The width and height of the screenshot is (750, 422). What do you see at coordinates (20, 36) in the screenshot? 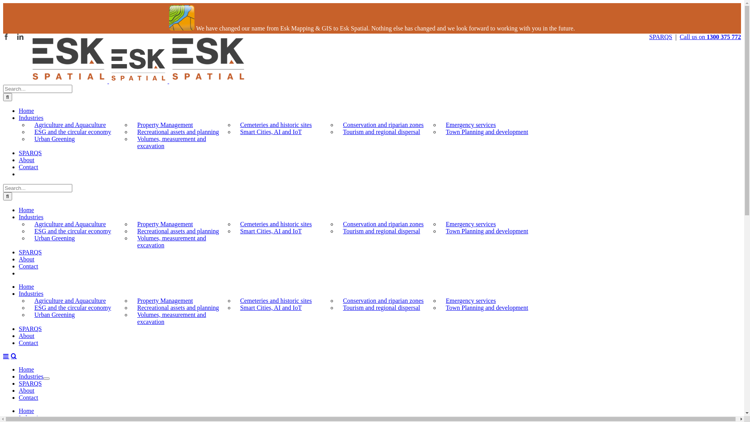
I see `'LinkedIn'` at bounding box center [20, 36].